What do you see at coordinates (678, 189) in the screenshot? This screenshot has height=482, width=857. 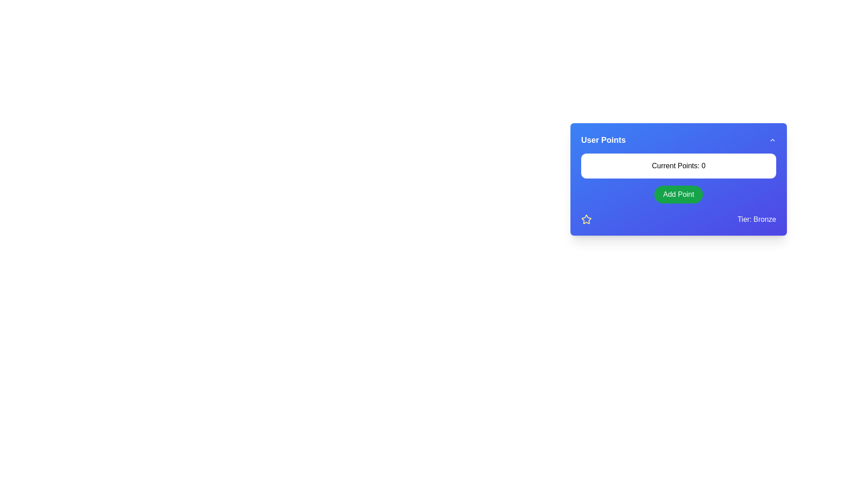 I see `the 'Add Point' button in the User Points section for a visual effect` at bounding box center [678, 189].